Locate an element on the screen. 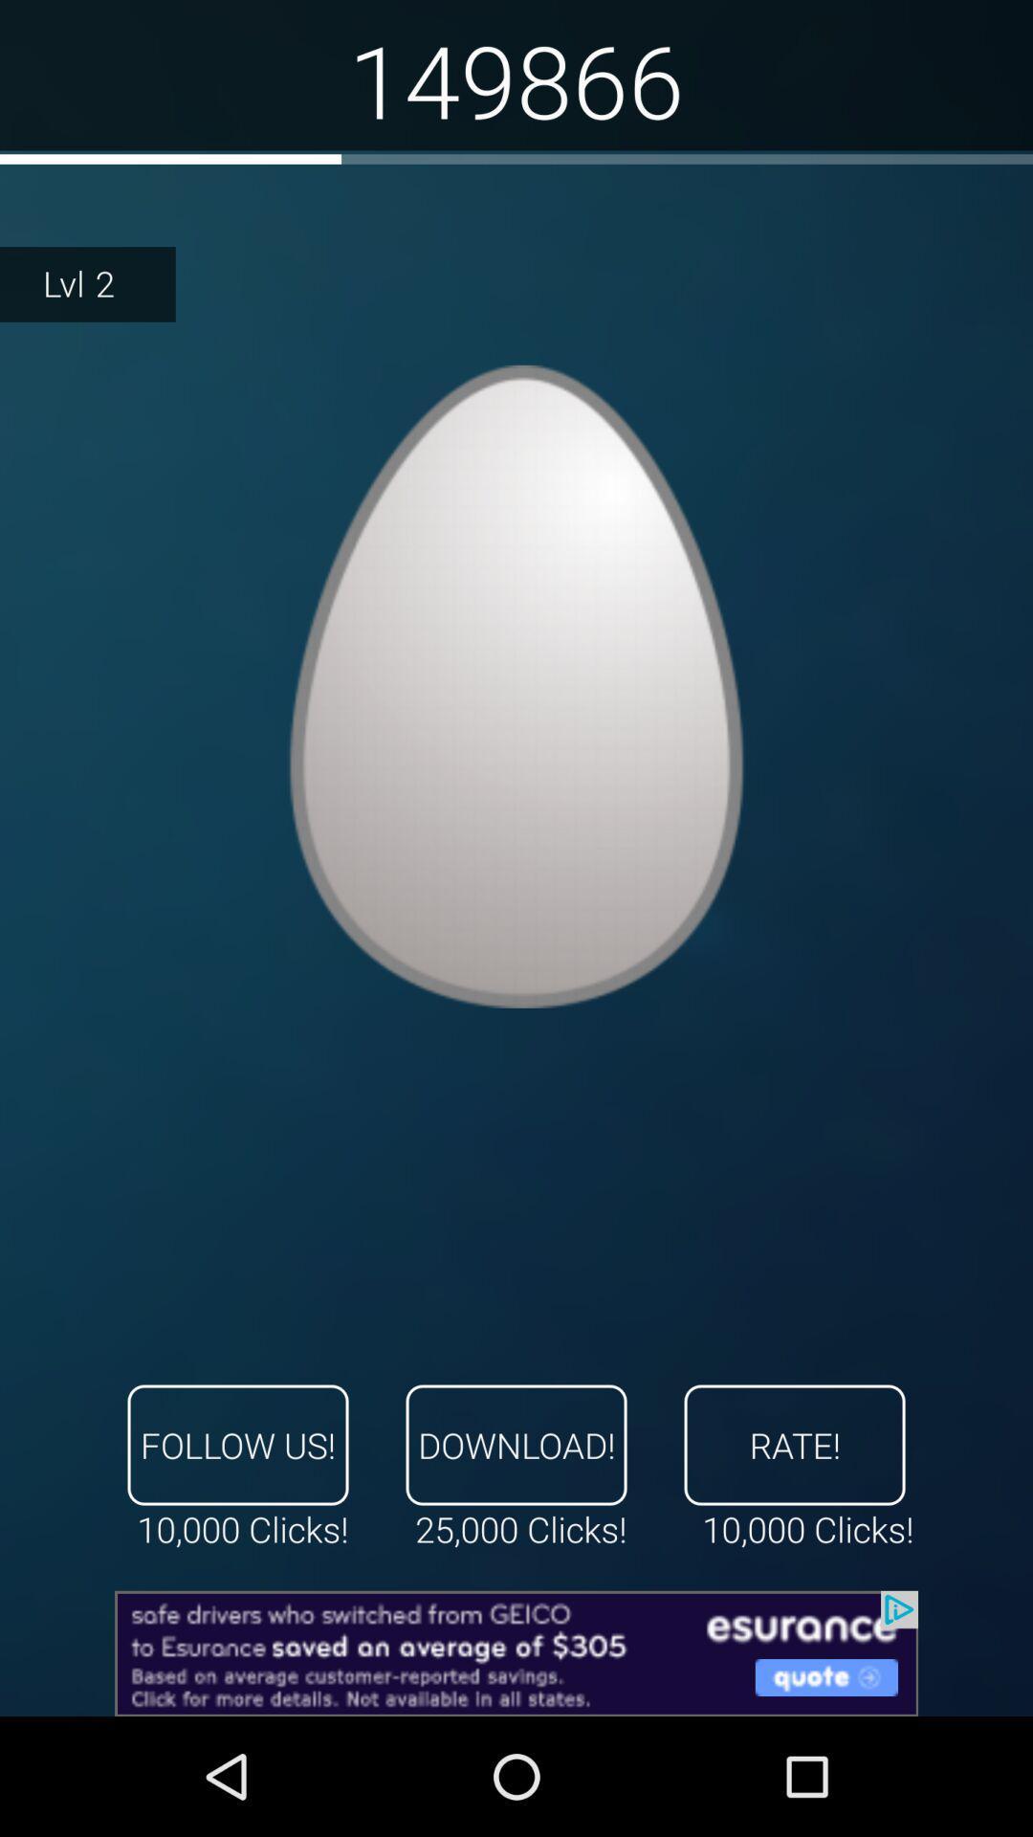 Image resolution: width=1033 pixels, height=1837 pixels. advertising is located at coordinates (516, 1652).